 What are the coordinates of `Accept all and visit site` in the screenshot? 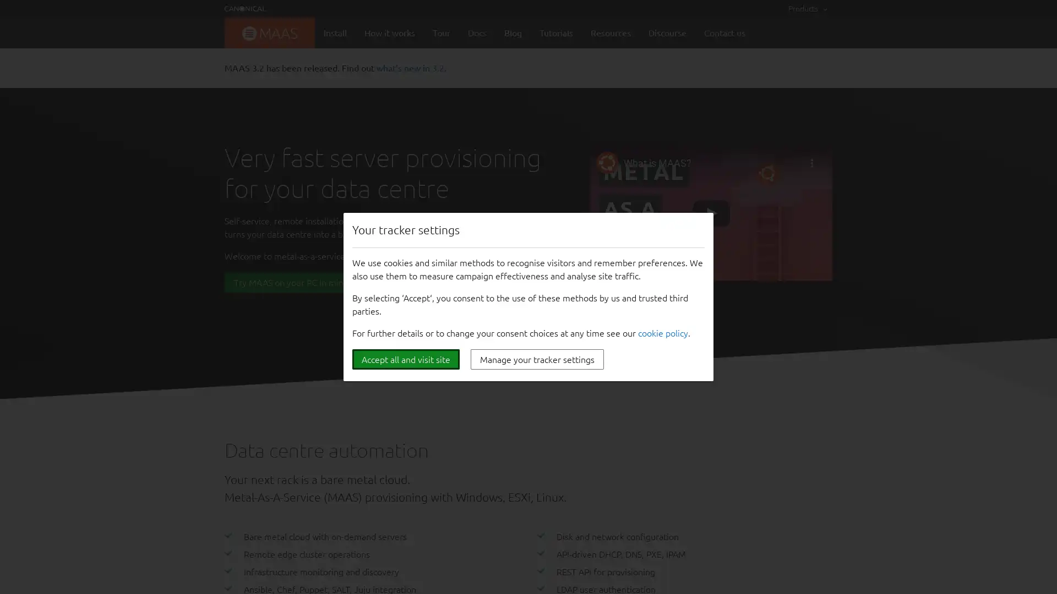 It's located at (405, 359).